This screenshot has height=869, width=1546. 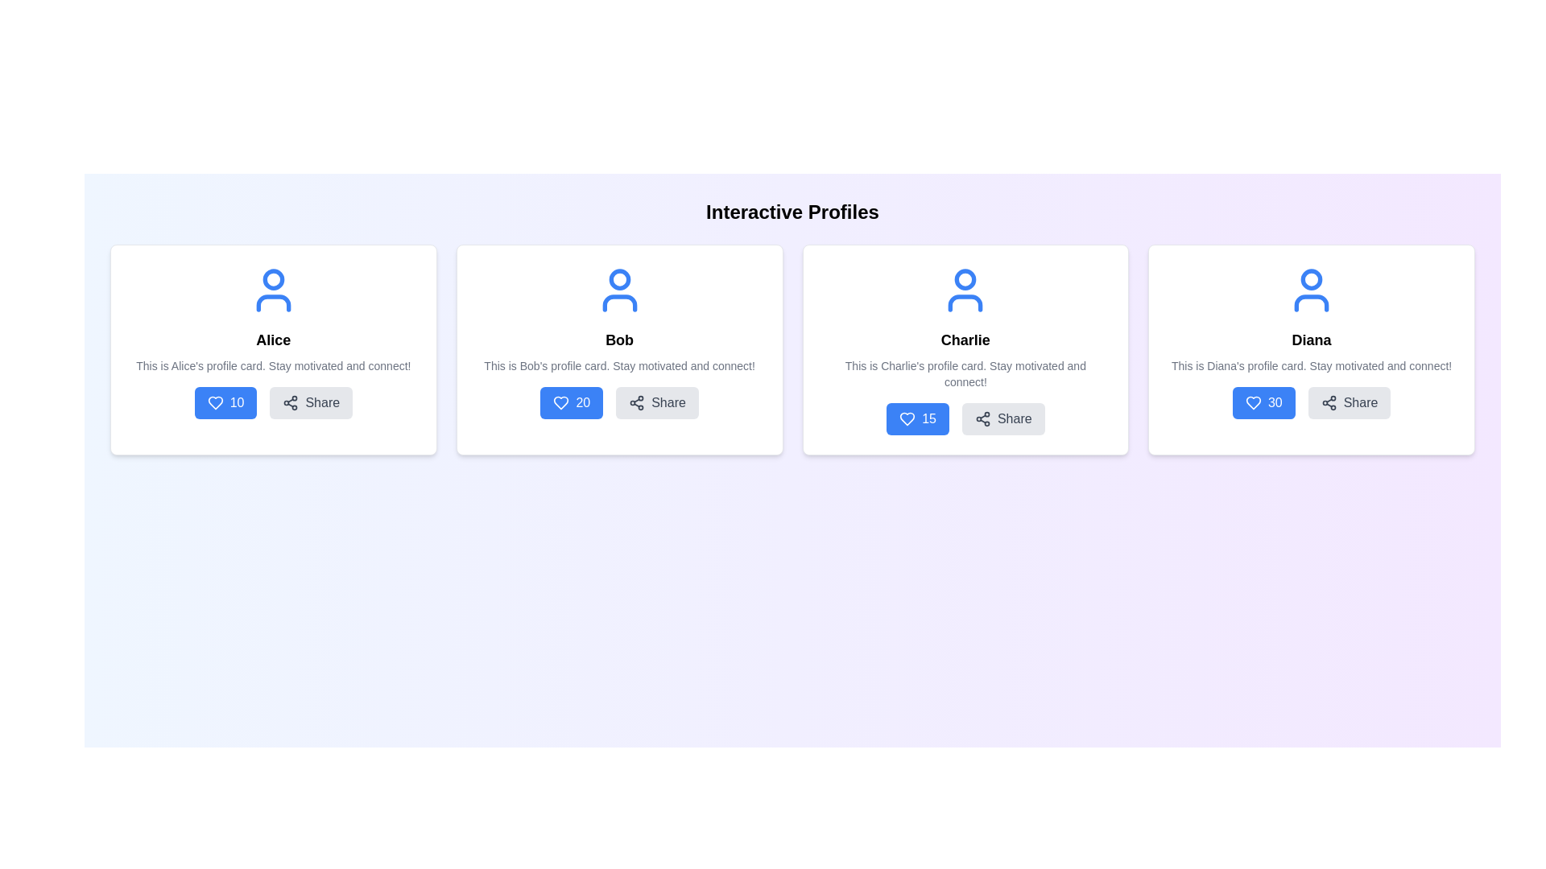 What do you see at coordinates (668, 402) in the screenshot?
I see `the 'Share' button, which is styled with gray text and located next to a heart icon` at bounding box center [668, 402].